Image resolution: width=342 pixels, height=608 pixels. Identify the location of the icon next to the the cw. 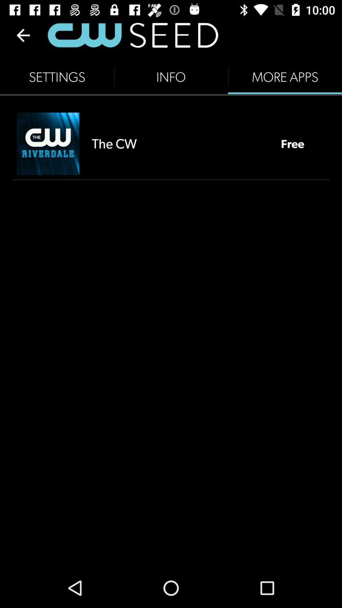
(47, 143).